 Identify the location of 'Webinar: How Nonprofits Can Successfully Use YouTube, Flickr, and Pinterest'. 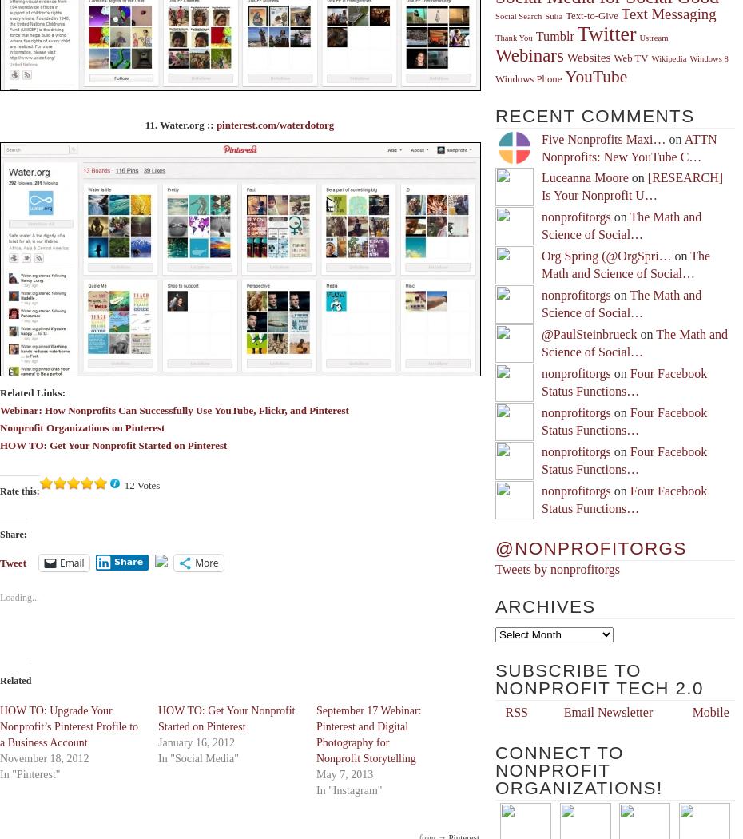
(173, 408).